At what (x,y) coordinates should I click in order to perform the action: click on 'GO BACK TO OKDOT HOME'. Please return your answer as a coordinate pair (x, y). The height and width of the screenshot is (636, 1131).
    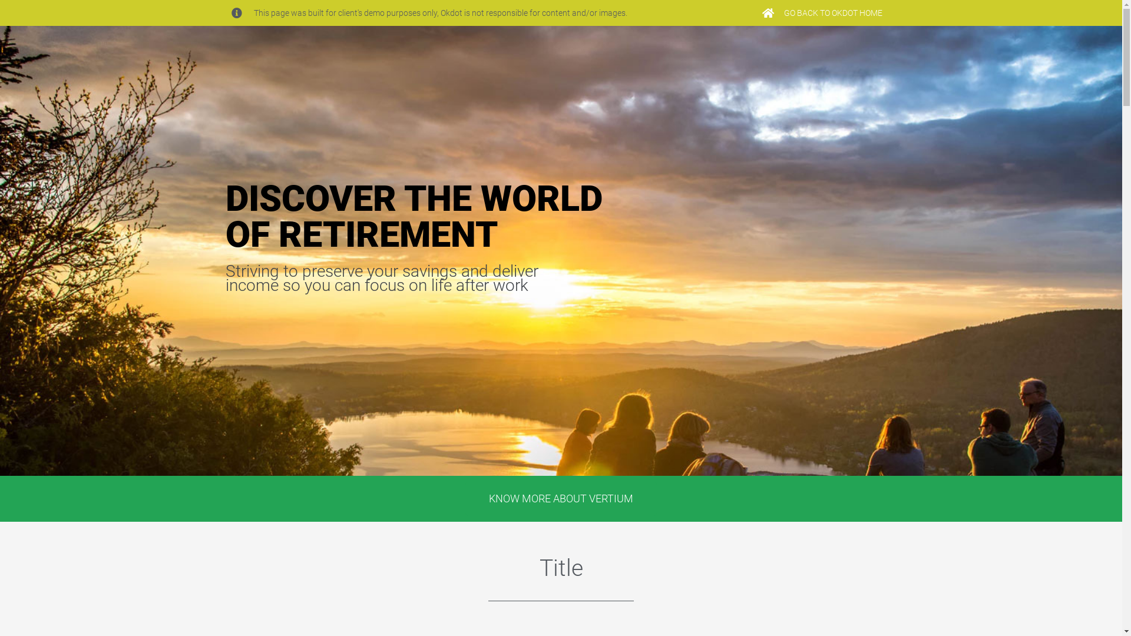
    Looking at the image, I should click on (821, 13).